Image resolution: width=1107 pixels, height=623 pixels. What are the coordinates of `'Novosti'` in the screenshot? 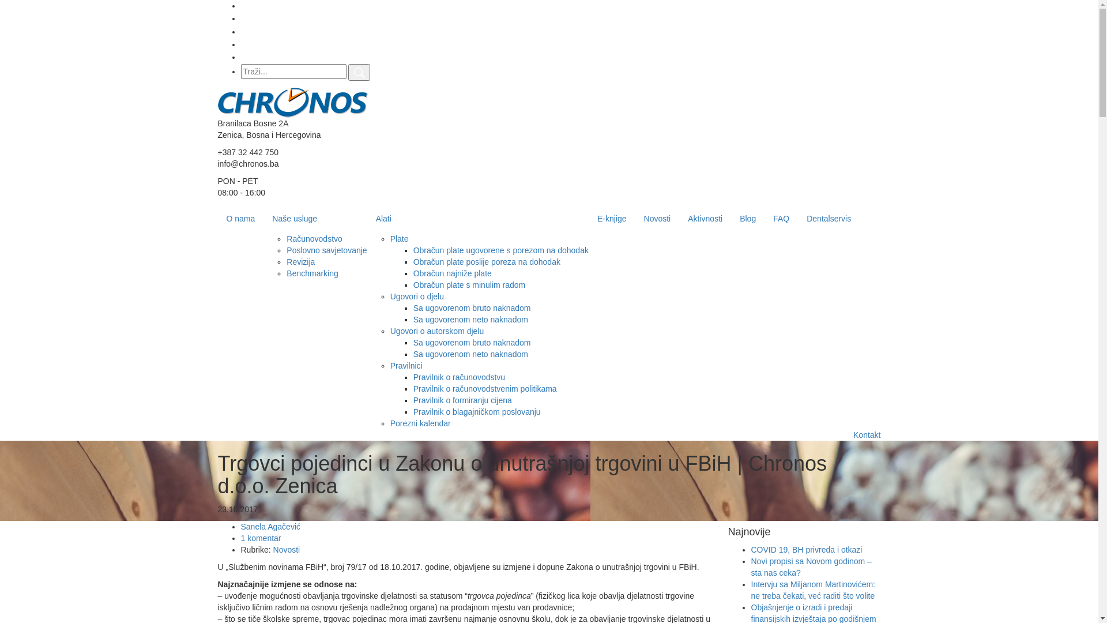 It's located at (657, 218).